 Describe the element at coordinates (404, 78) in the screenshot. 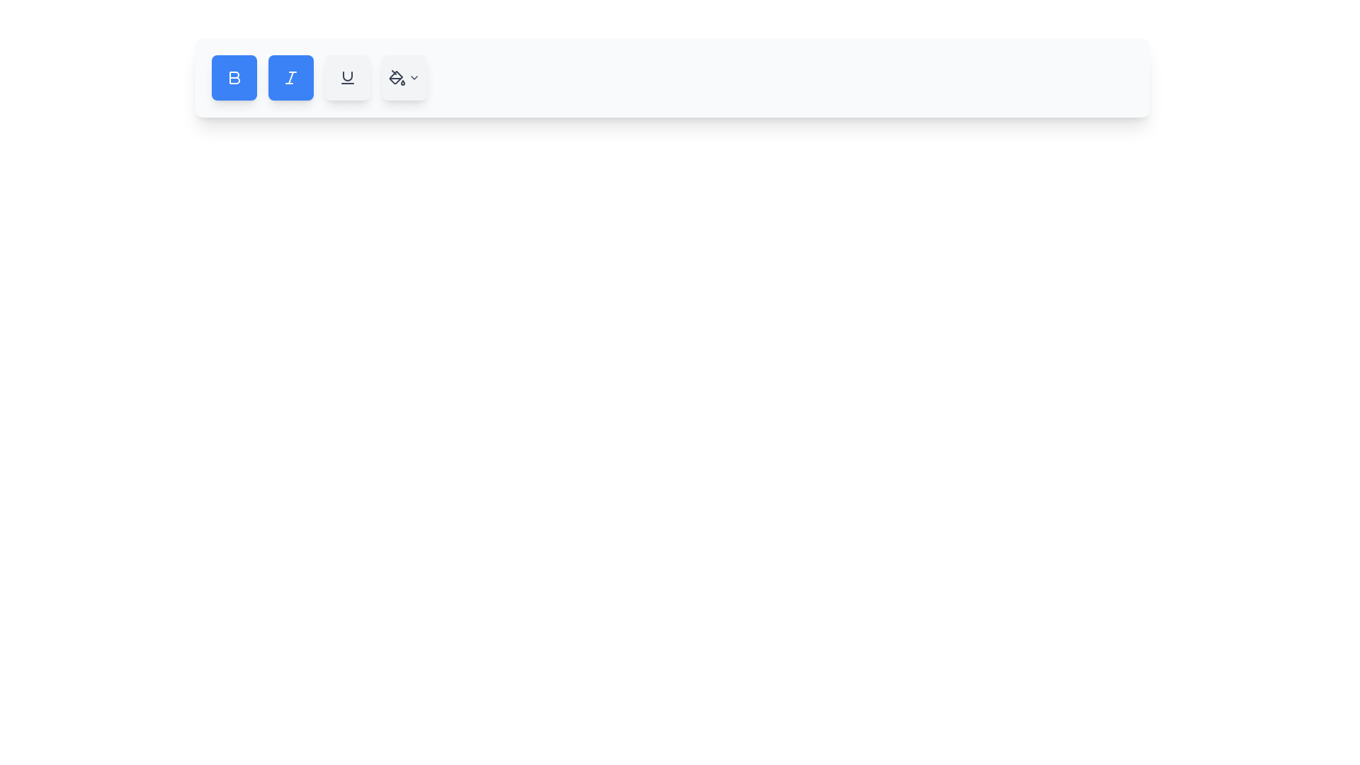

I see `the color-selection icon located within the 'Color' button in the top-right quadrant` at that location.